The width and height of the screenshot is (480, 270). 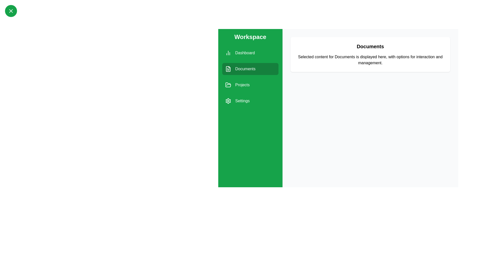 What do you see at coordinates (250, 84) in the screenshot?
I see `the Projects section from the sidebar` at bounding box center [250, 84].